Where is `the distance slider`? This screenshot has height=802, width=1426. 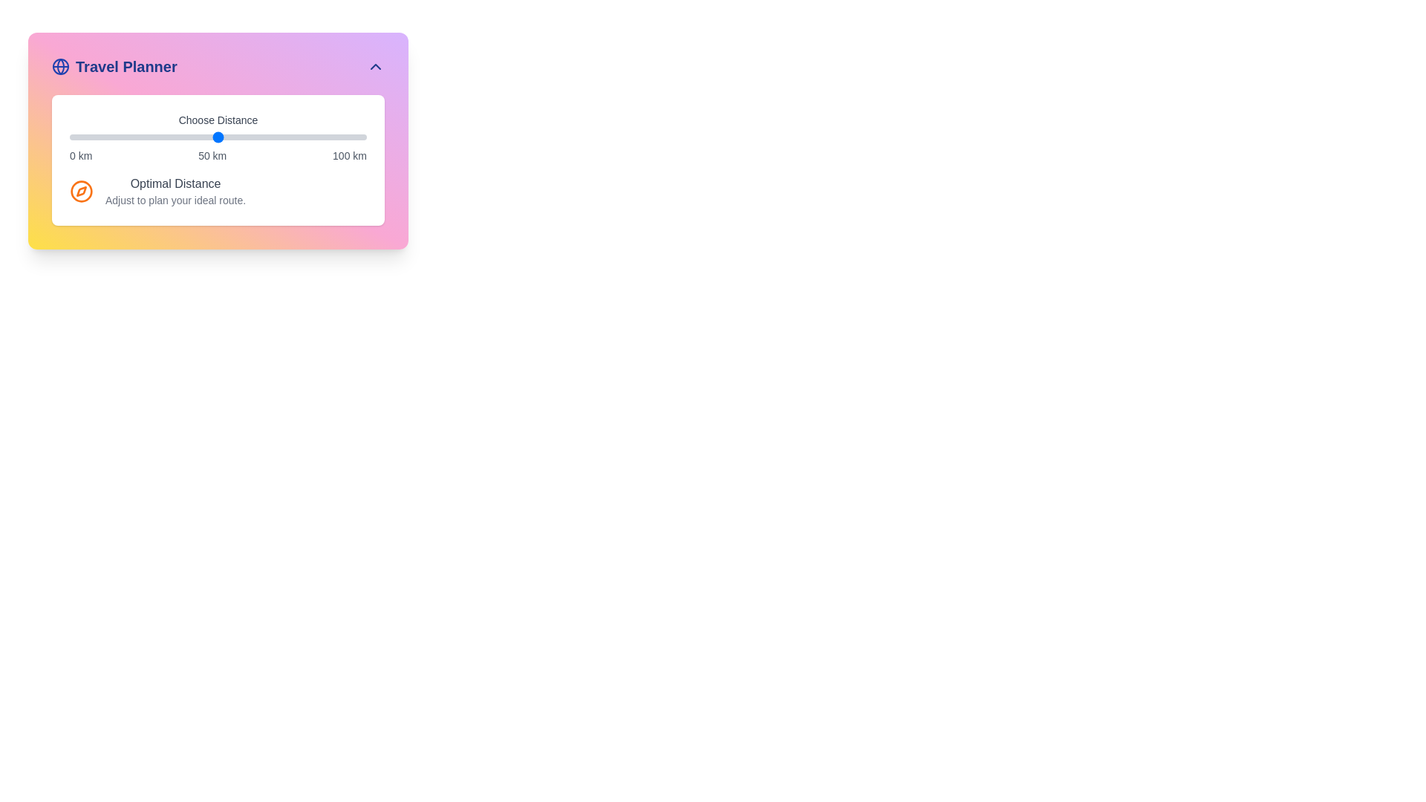 the distance slider is located at coordinates (309, 137).